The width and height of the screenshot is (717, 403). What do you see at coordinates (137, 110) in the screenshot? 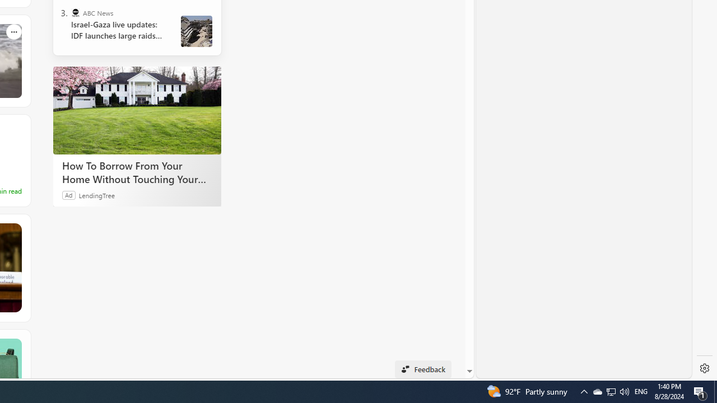
I see `'How To Borrow From Your Home Without Touching Your Mortgage'` at bounding box center [137, 110].